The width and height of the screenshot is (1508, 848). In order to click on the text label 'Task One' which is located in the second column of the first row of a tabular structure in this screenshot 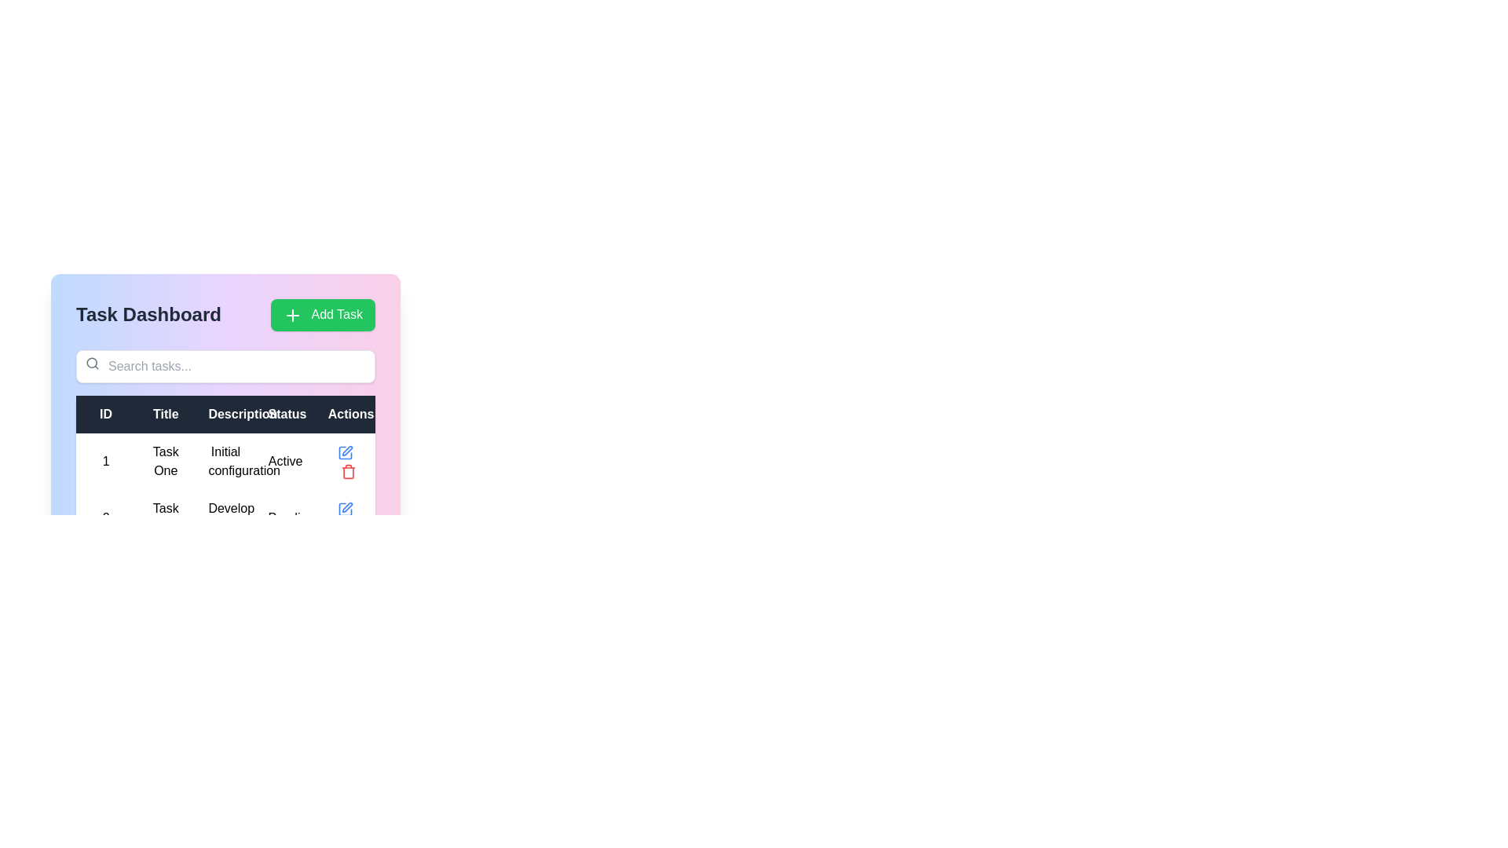, I will do `click(166, 460)`.